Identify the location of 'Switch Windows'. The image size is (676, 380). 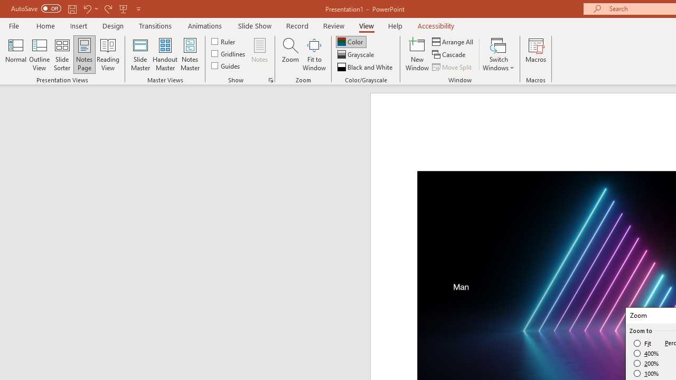
(498, 54).